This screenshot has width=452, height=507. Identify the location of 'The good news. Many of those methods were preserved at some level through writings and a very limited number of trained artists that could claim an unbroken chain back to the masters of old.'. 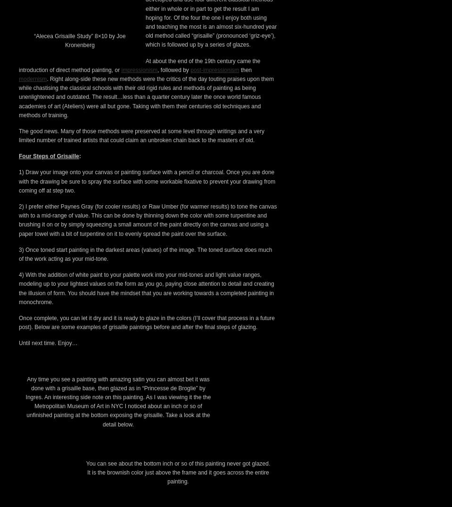
(18, 297).